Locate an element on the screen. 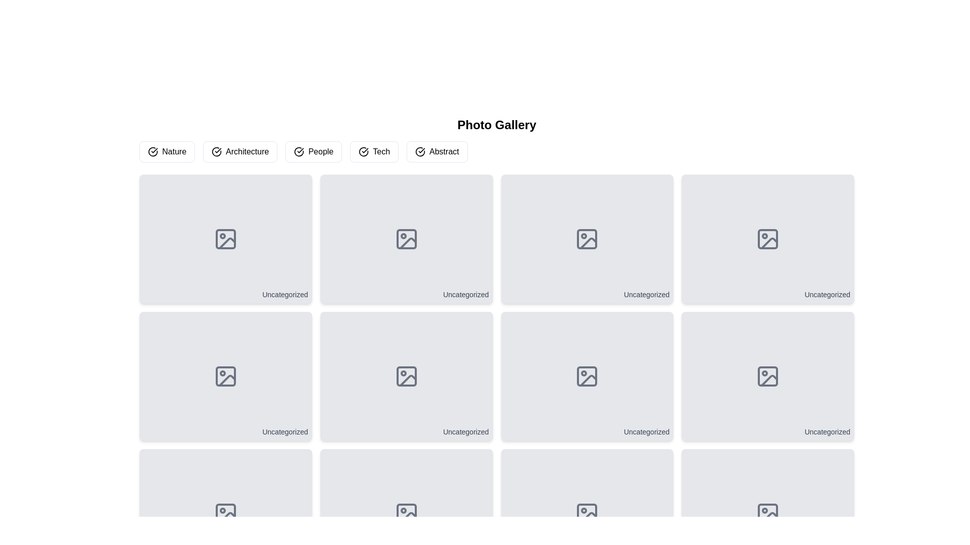  the graphical component indicating a missing or placeholder image located in the third card of the top row in a grid layout is located at coordinates (768, 239).